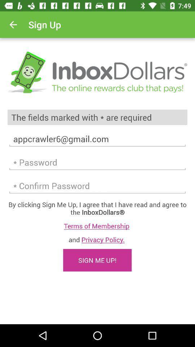 Image resolution: width=195 pixels, height=347 pixels. What do you see at coordinates (97, 226) in the screenshot?
I see `item above the and privacy policy.  icon` at bounding box center [97, 226].